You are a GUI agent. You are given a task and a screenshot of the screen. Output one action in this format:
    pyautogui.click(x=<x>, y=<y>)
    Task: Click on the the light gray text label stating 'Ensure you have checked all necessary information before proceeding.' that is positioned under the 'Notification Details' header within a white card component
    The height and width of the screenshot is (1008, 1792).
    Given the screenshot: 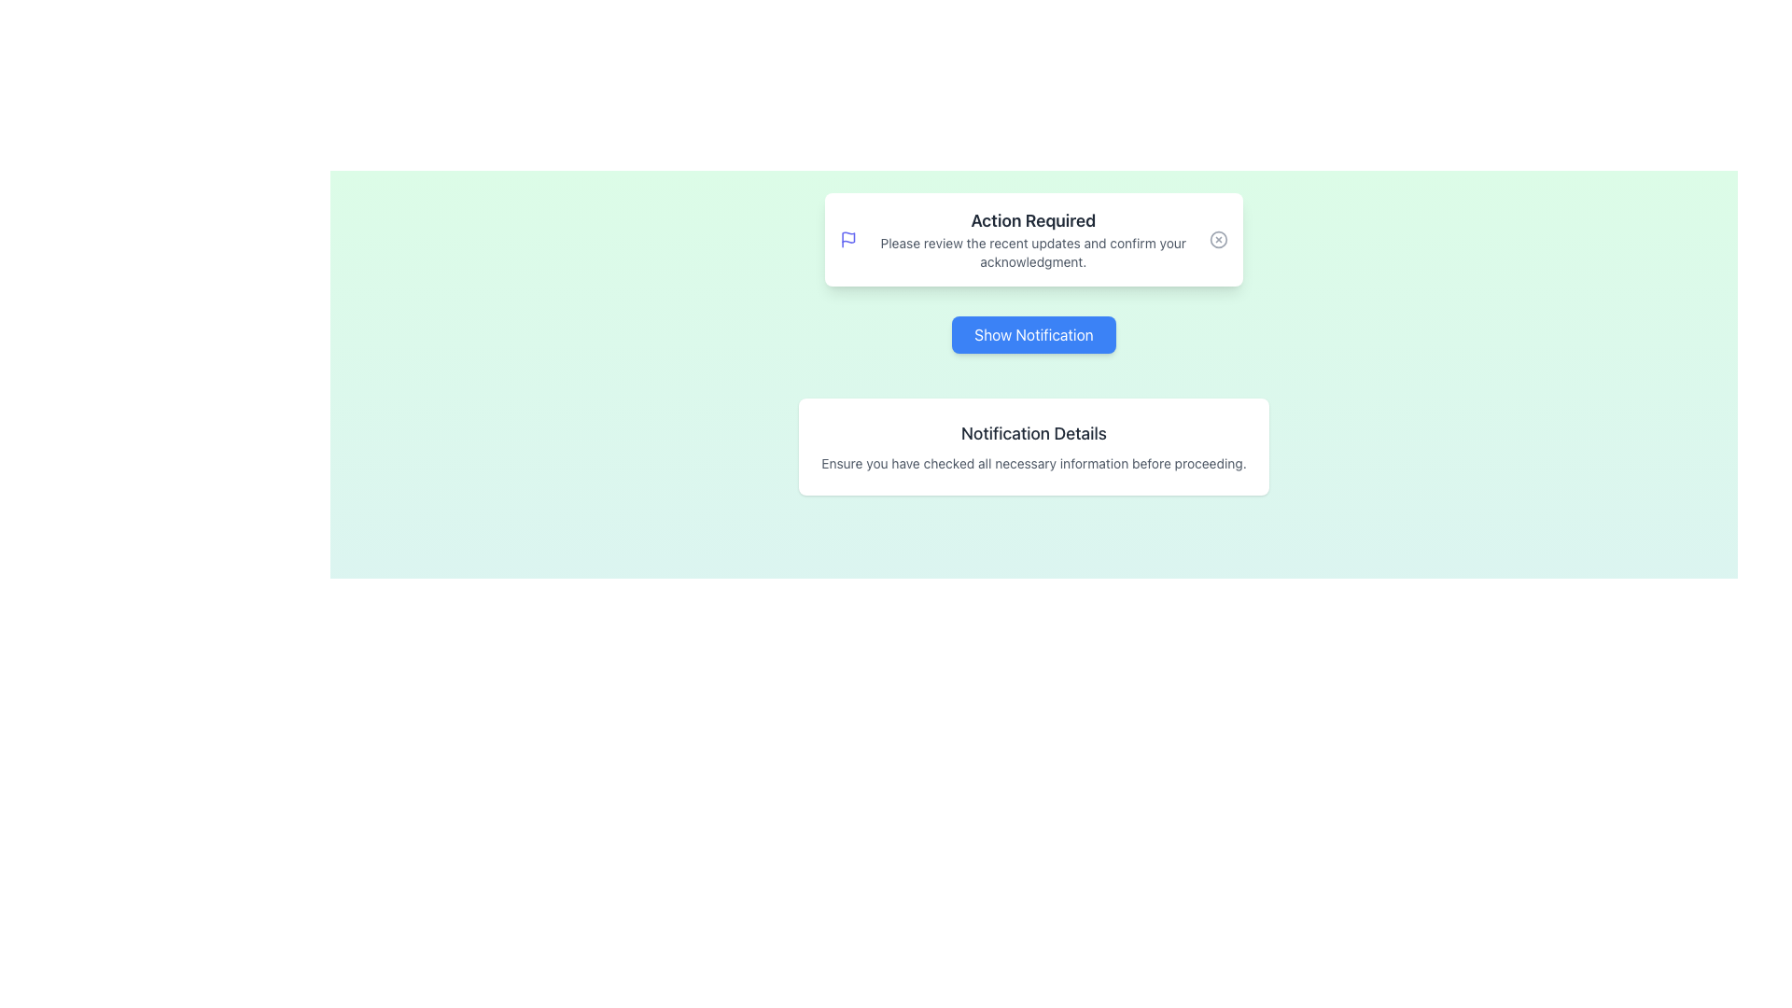 What is the action you would take?
    pyautogui.click(x=1033, y=463)
    